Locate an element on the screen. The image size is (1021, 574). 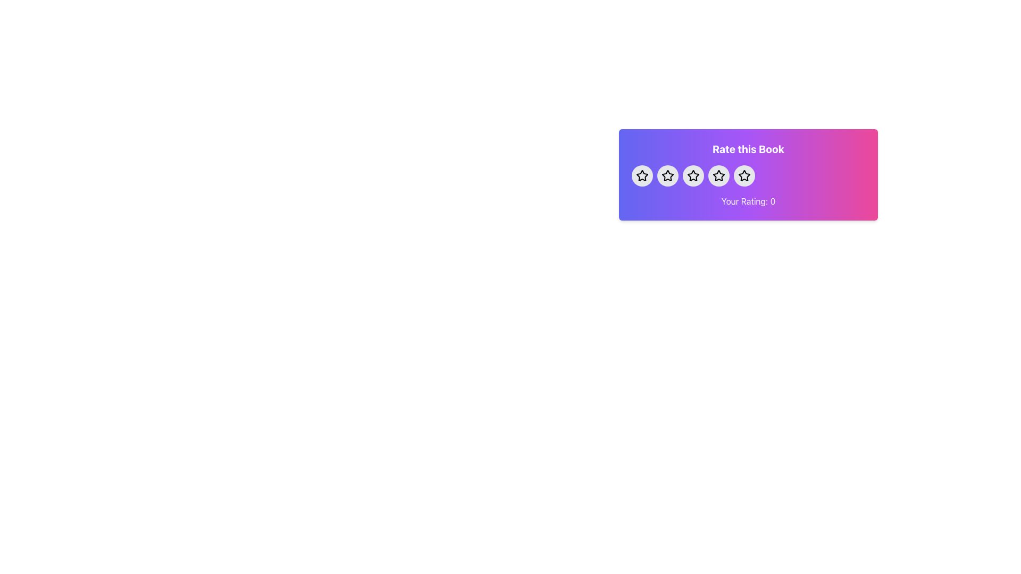
the interactive rating widget with a gradient background that prompts 'Rate this Book' is located at coordinates (748, 174).